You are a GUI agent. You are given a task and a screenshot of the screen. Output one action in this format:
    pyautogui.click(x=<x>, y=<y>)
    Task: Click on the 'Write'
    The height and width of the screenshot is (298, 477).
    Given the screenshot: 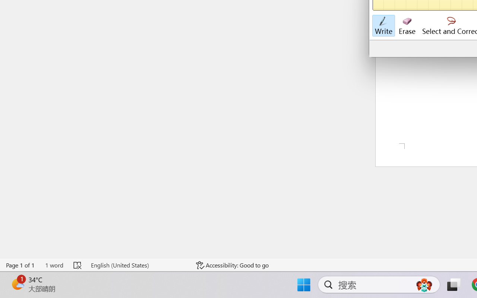 What is the action you would take?
    pyautogui.click(x=383, y=26)
    